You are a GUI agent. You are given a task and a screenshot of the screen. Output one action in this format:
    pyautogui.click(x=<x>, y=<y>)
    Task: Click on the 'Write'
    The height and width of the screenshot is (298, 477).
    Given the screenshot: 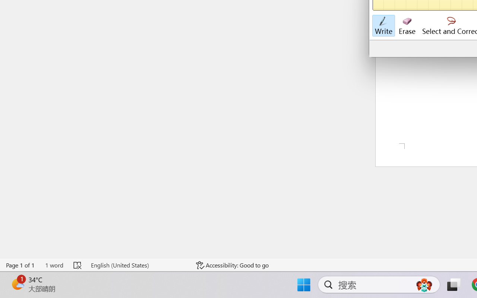 What is the action you would take?
    pyautogui.click(x=383, y=26)
    